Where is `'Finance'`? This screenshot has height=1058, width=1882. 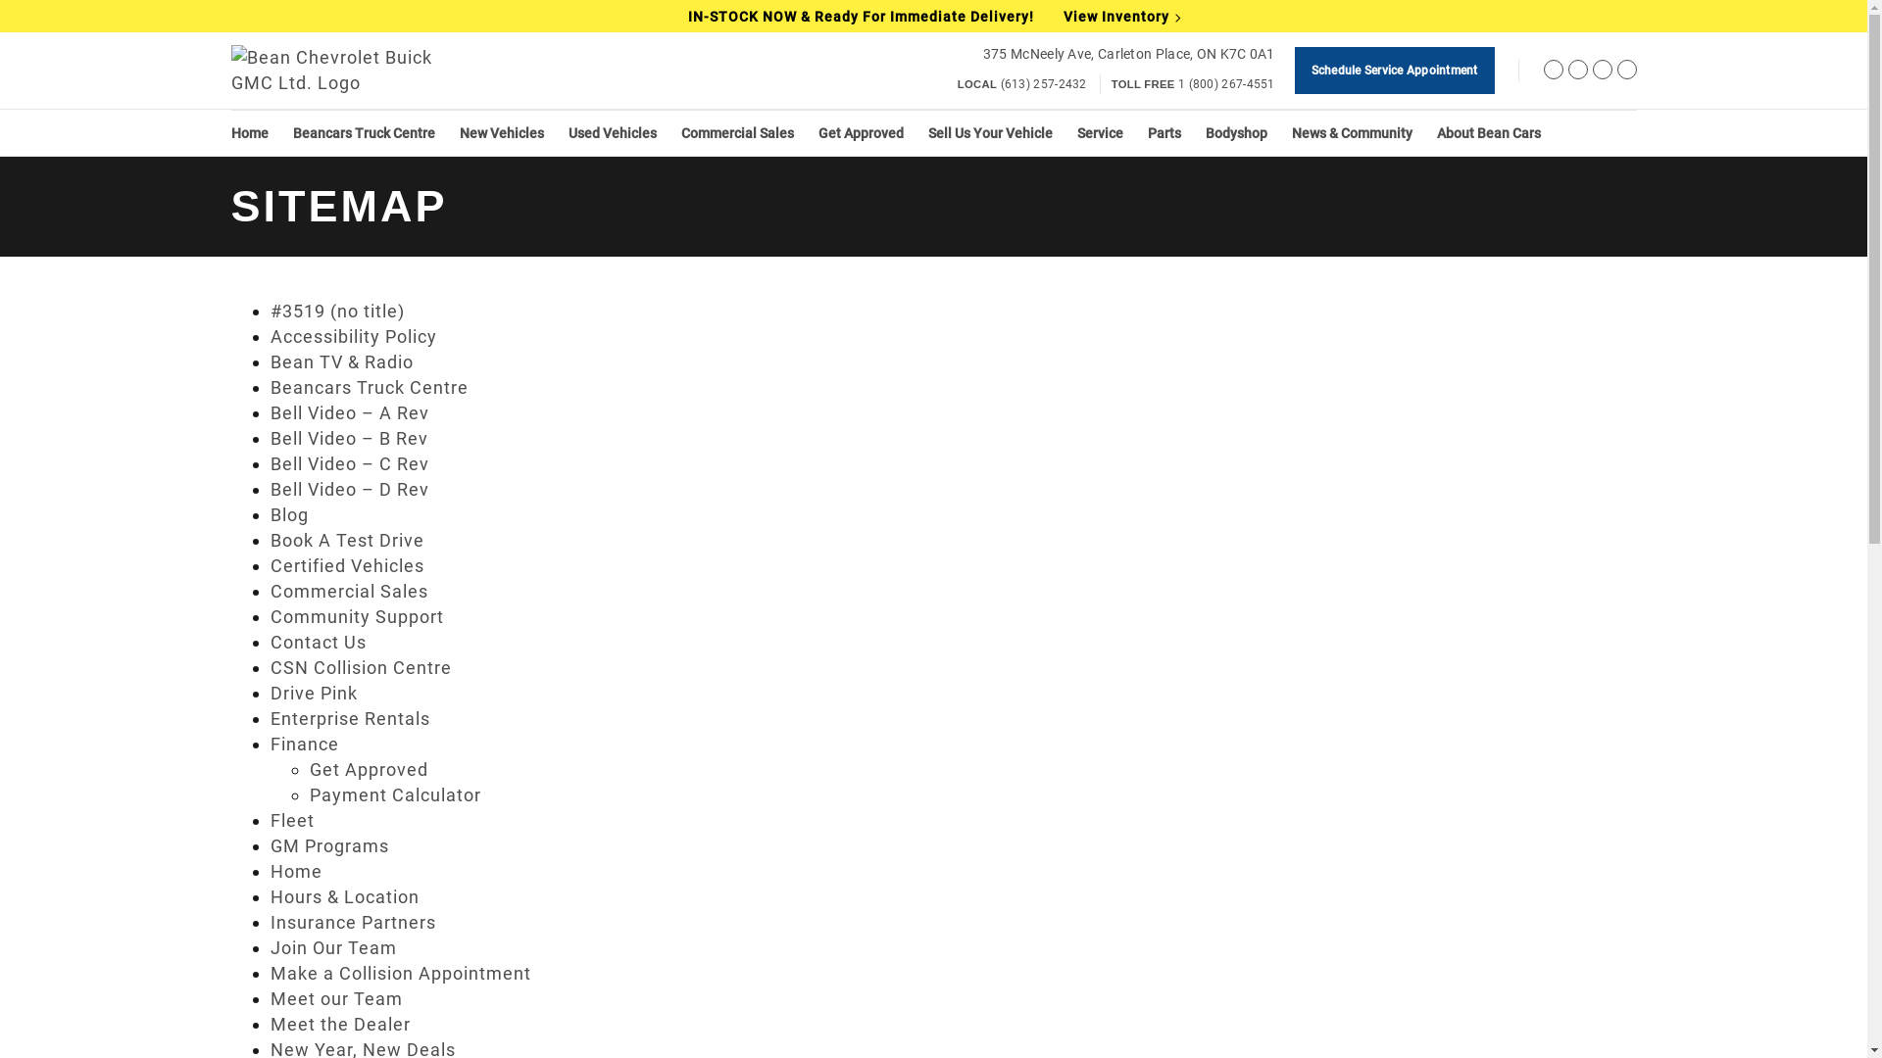
'Finance' is located at coordinates (304, 744).